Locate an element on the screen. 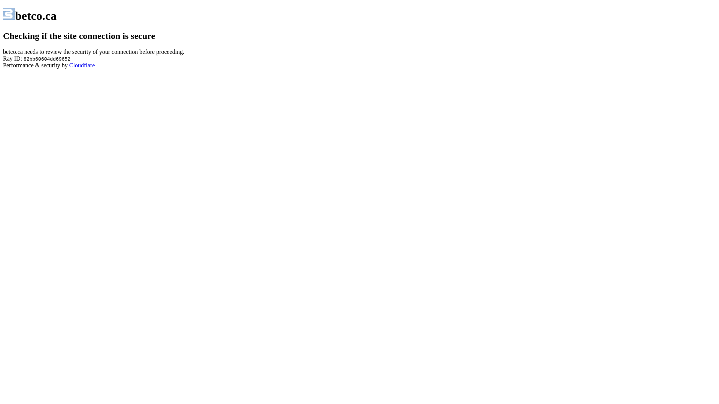 Image resolution: width=719 pixels, height=404 pixels. 'Cloudflare' is located at coordinates (82, 65).